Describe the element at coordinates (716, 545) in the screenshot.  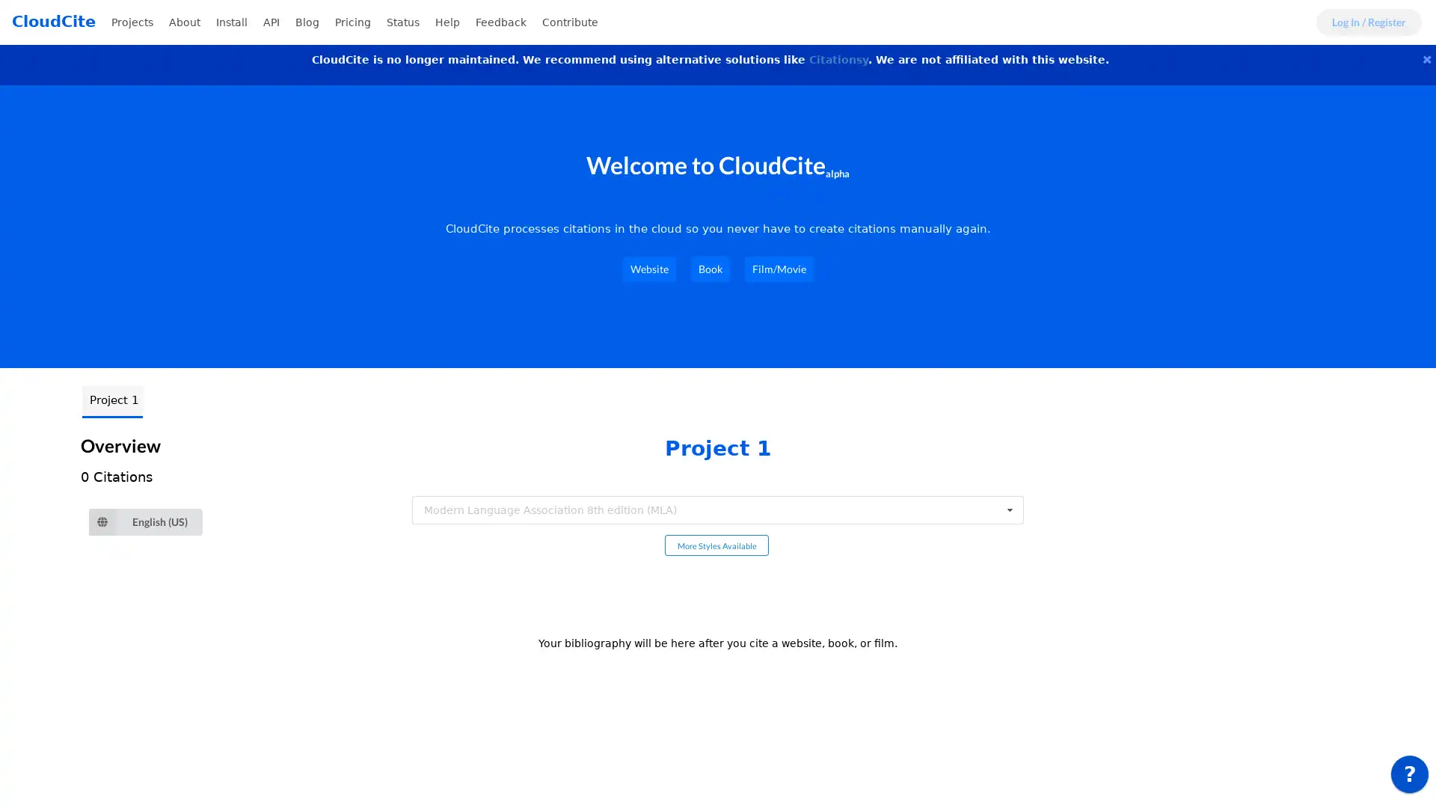
I see `More Styles Available` at that location.